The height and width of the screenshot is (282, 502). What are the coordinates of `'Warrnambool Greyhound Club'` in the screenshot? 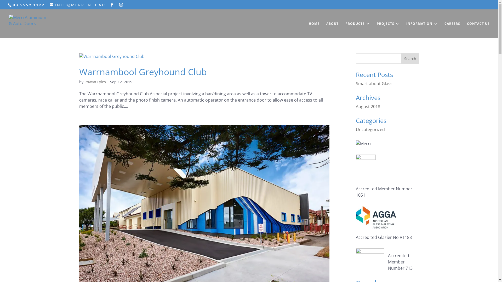 It's located at (79, 72).